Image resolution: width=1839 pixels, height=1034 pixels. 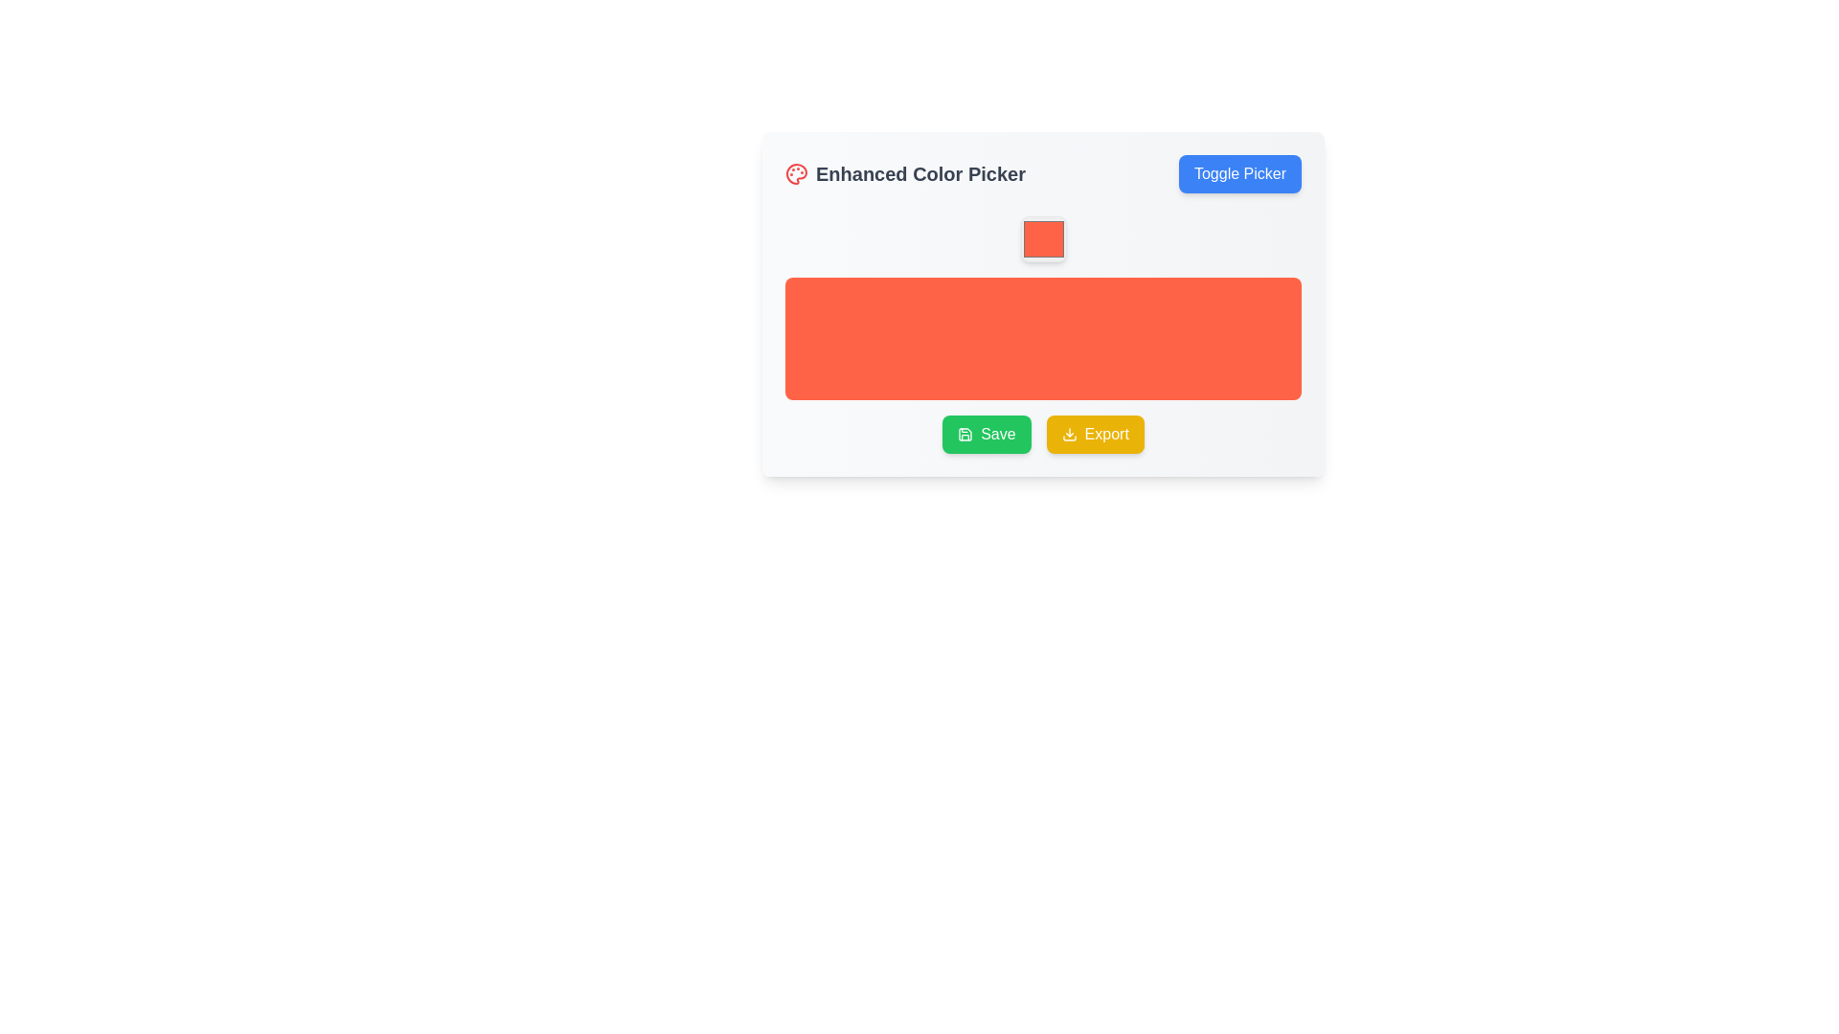 What do you see at coordinates (1042, 435) in the screenshot?
I see `the 'Export' button, which is the right button` at bounding box center [1042, 435].